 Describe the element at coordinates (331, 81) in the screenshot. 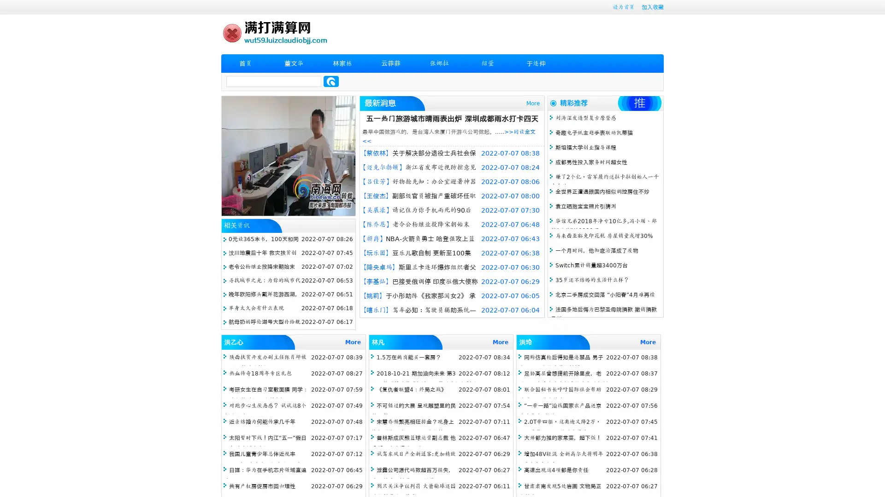

I see `Search` at that location.